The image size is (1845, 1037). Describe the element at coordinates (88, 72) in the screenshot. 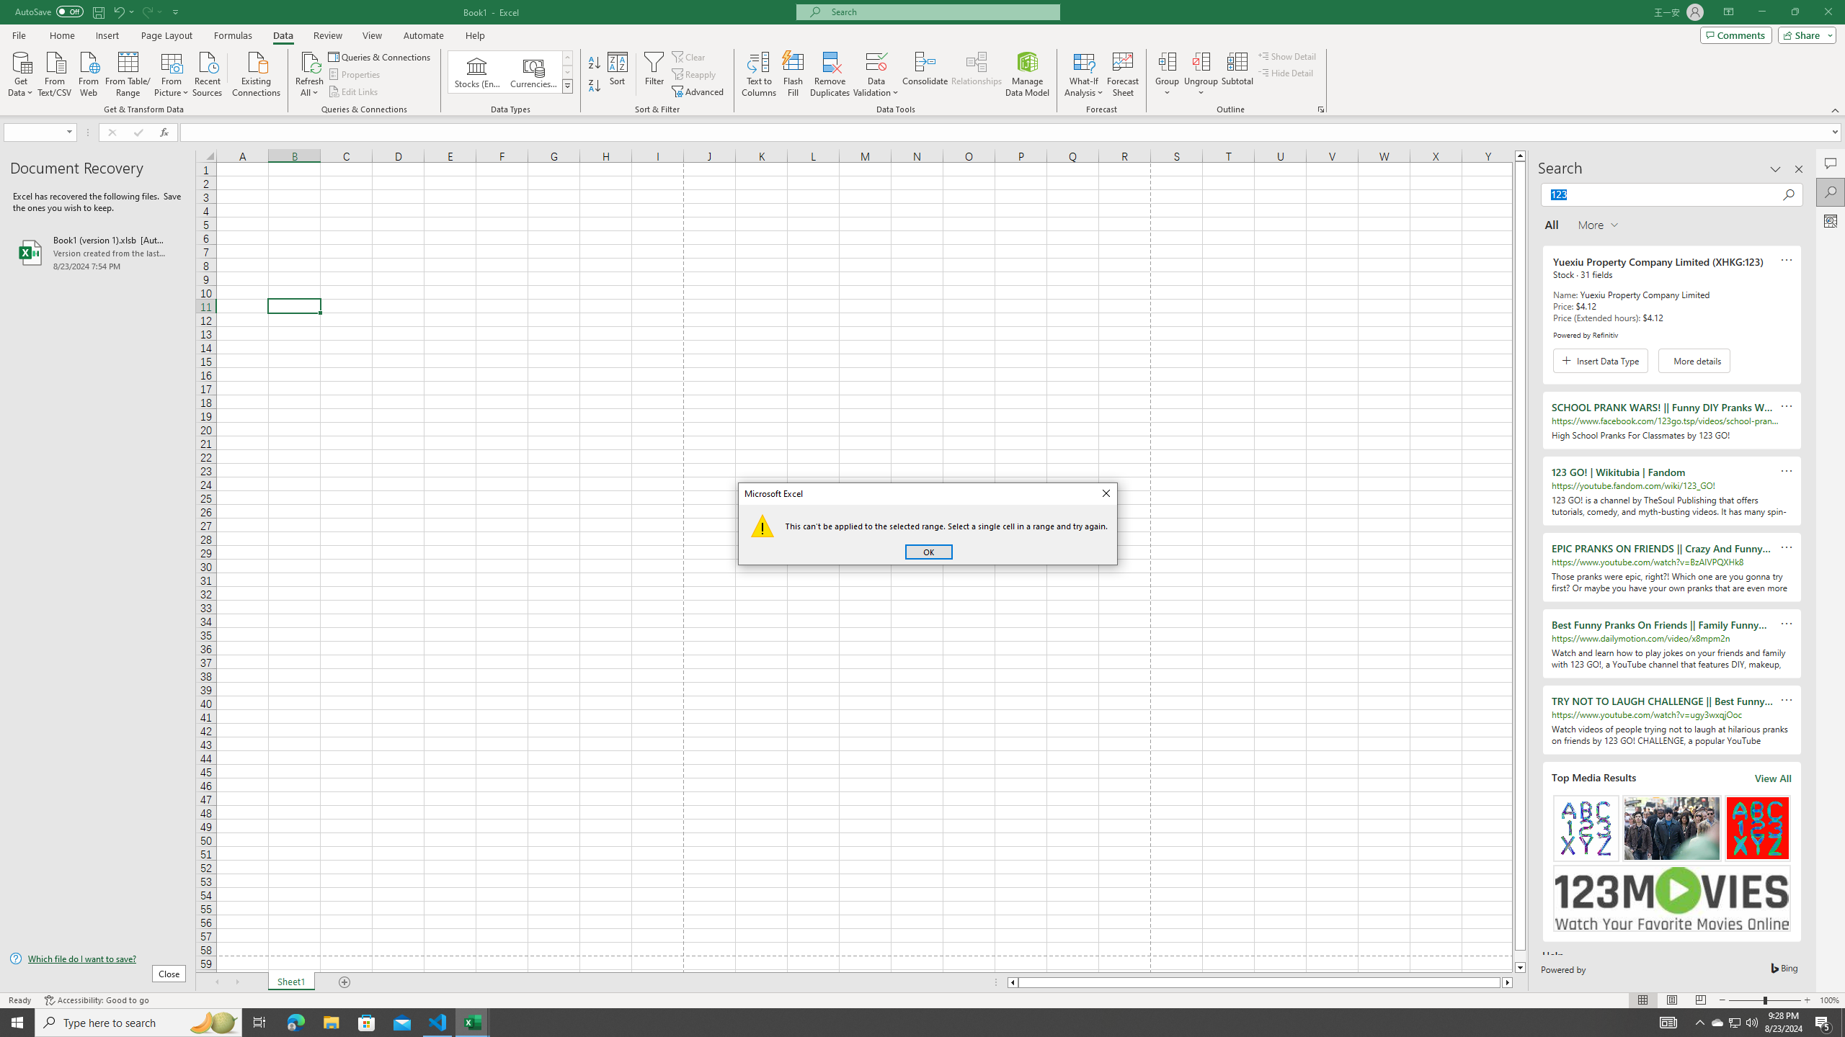

I see `'From Web'` at that location.